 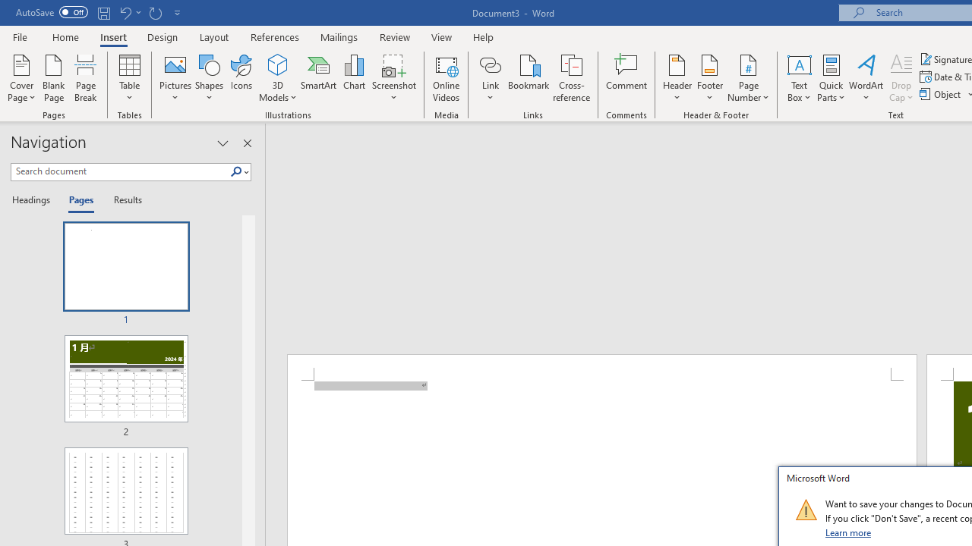 I want to click on 'Quick Parts', so click(x=831, y=78).